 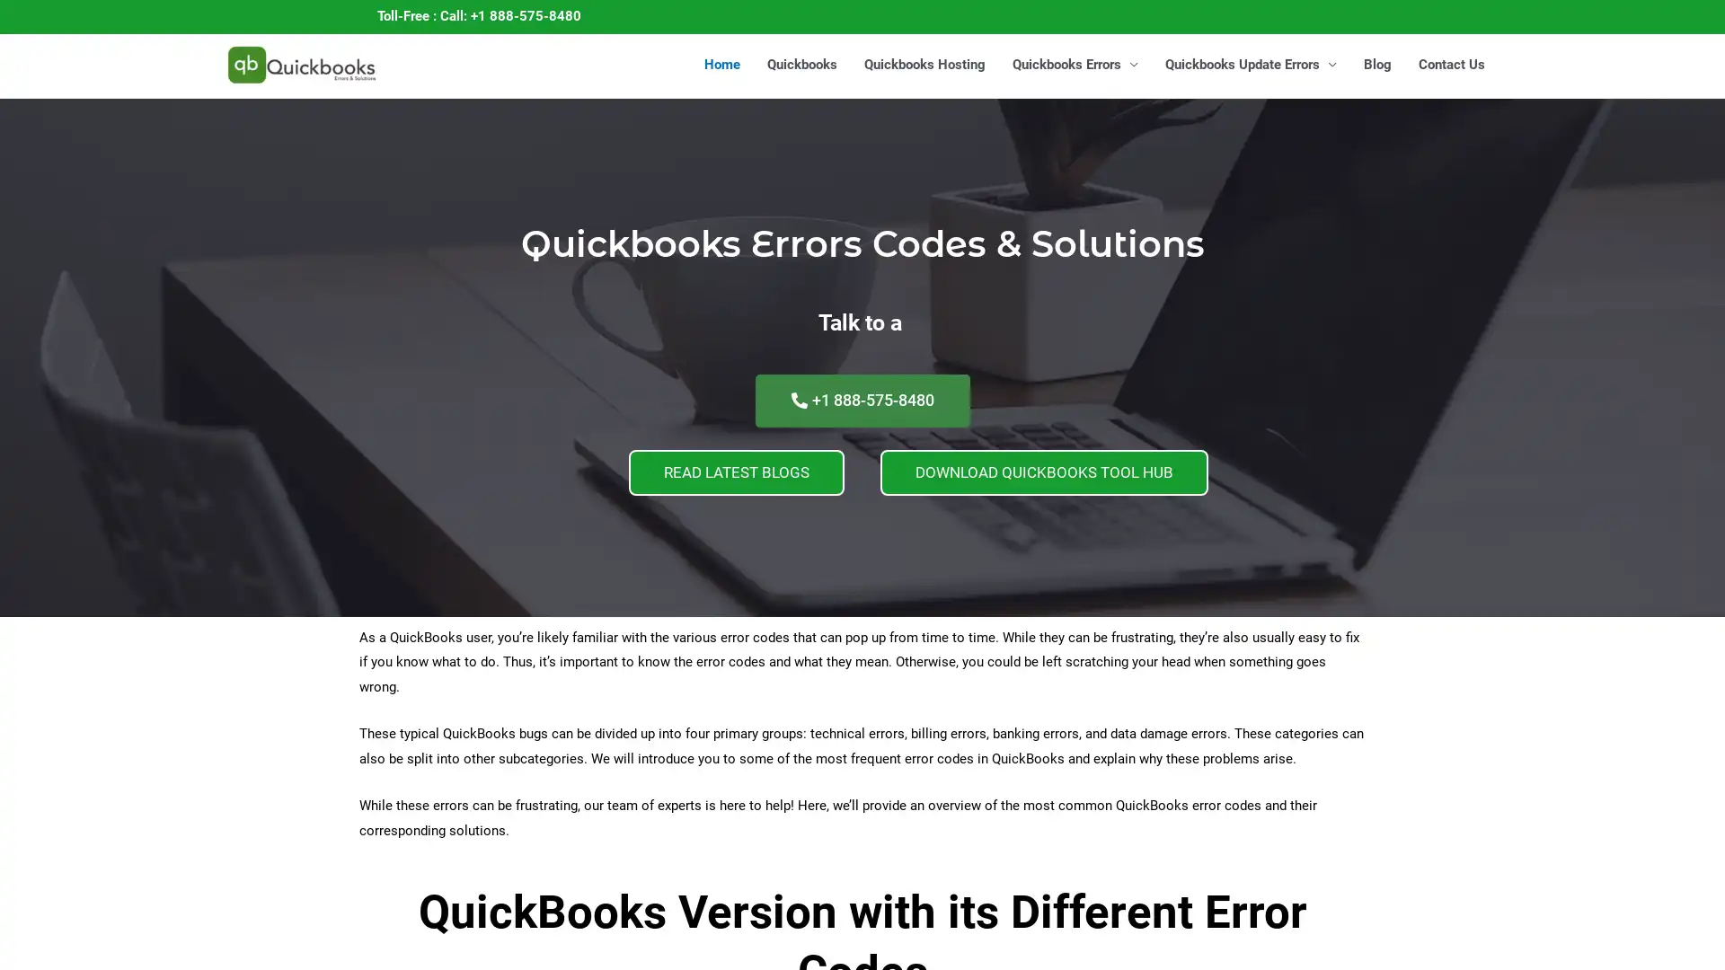 I want to click on READ LATEST BLOGS, so click(x=737, y=471).